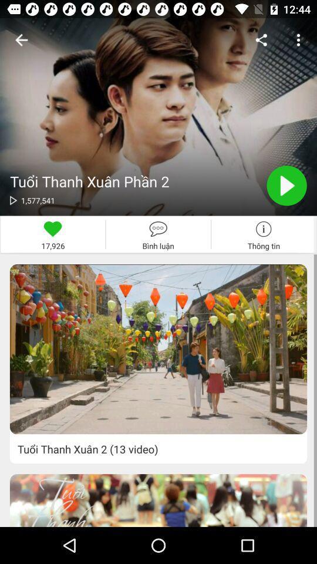  What do you see at coordinates (52, 234) in the screenshot?
I see `the first tab on left side of the web page` at bounding box center [52, 234].